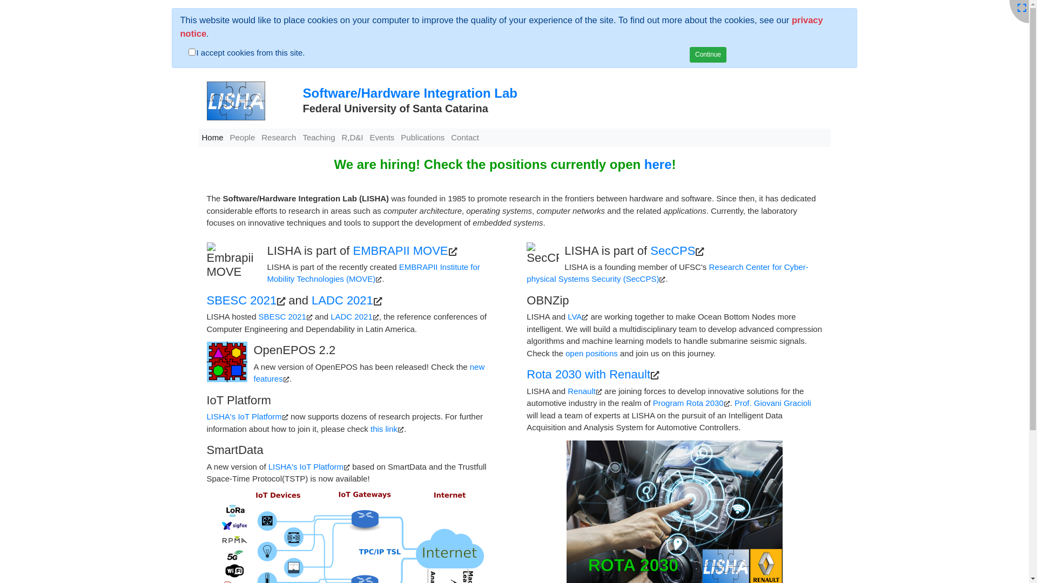 Image resolution: width=1037 pixels, height=583 pixels. I want to click on 'LISHA's IoT Platform', so click(305, 466).